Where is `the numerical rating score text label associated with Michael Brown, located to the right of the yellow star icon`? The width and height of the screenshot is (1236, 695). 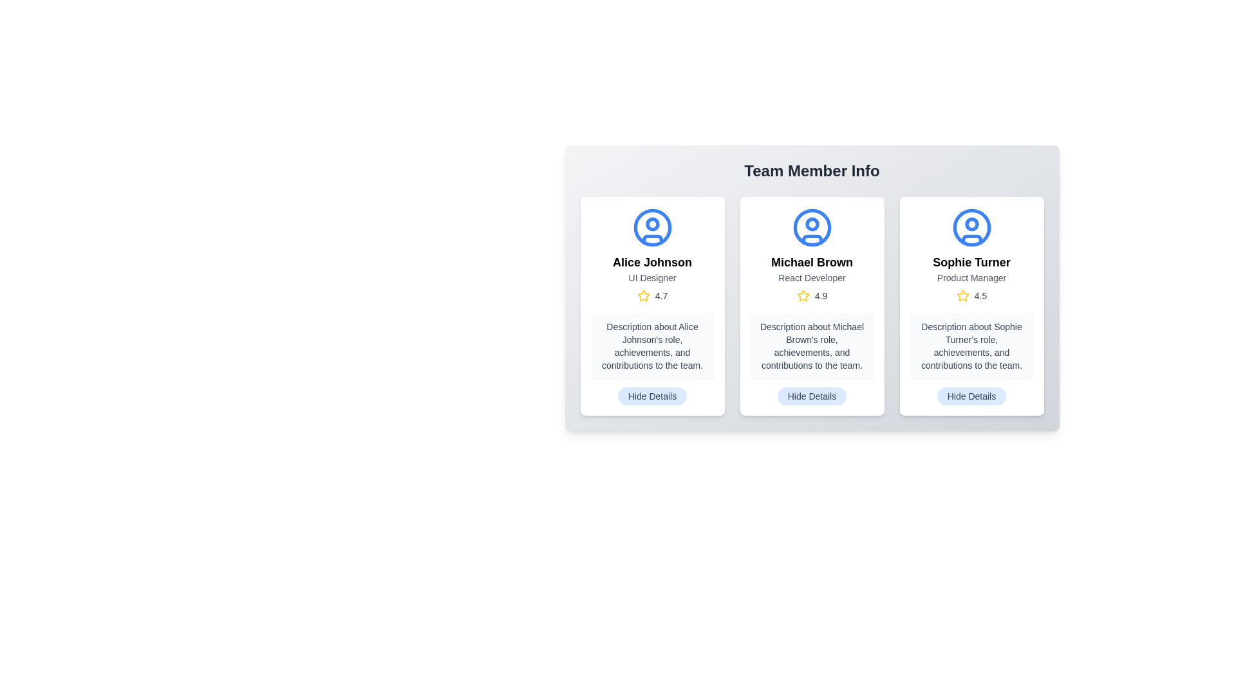 the numerical rating score text label associated with Michael Brown, located to the right of the yellow star icon is located at coordinates (820, 295).